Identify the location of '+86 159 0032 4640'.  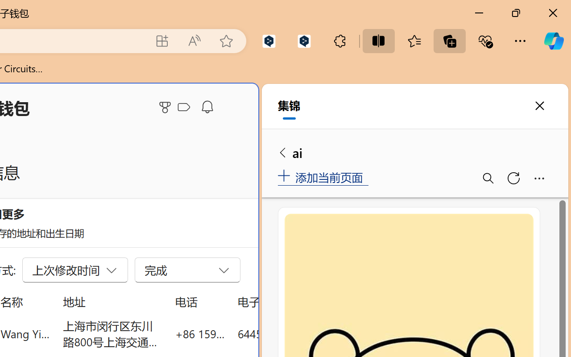
(199, 333).